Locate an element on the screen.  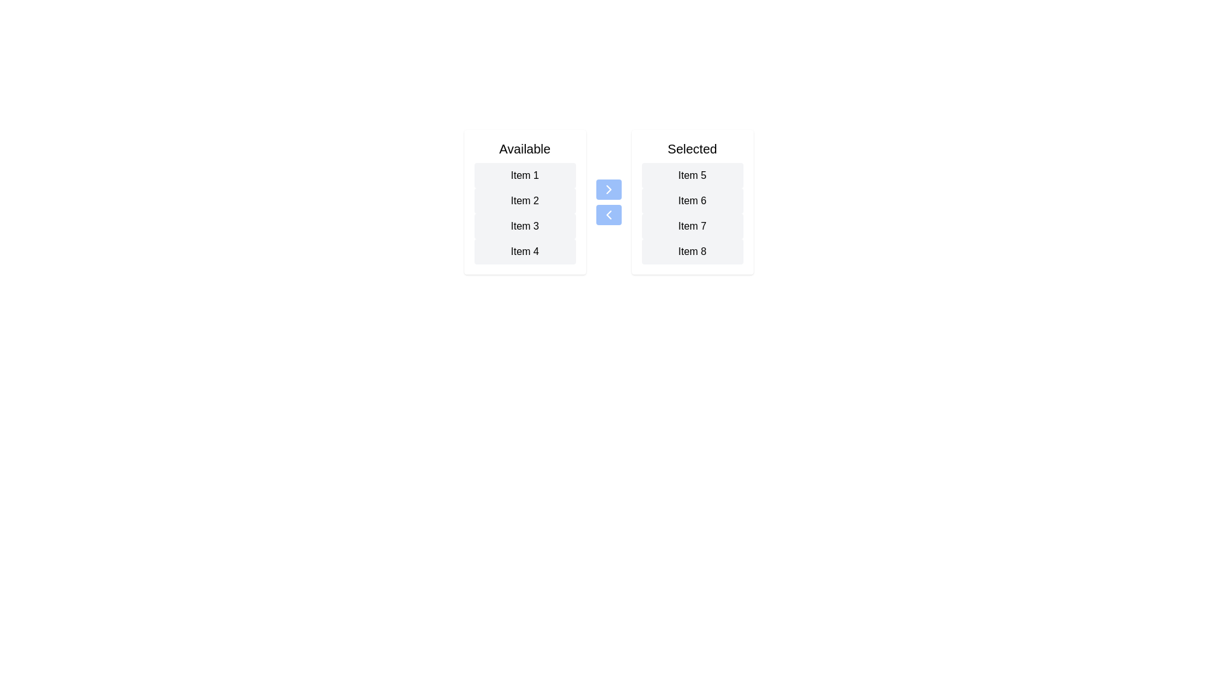
the left-pointing arrow icon, which serves as a back navigation control located between the 'Available' and 'Selected' lists is located at coordinates (608, 214).